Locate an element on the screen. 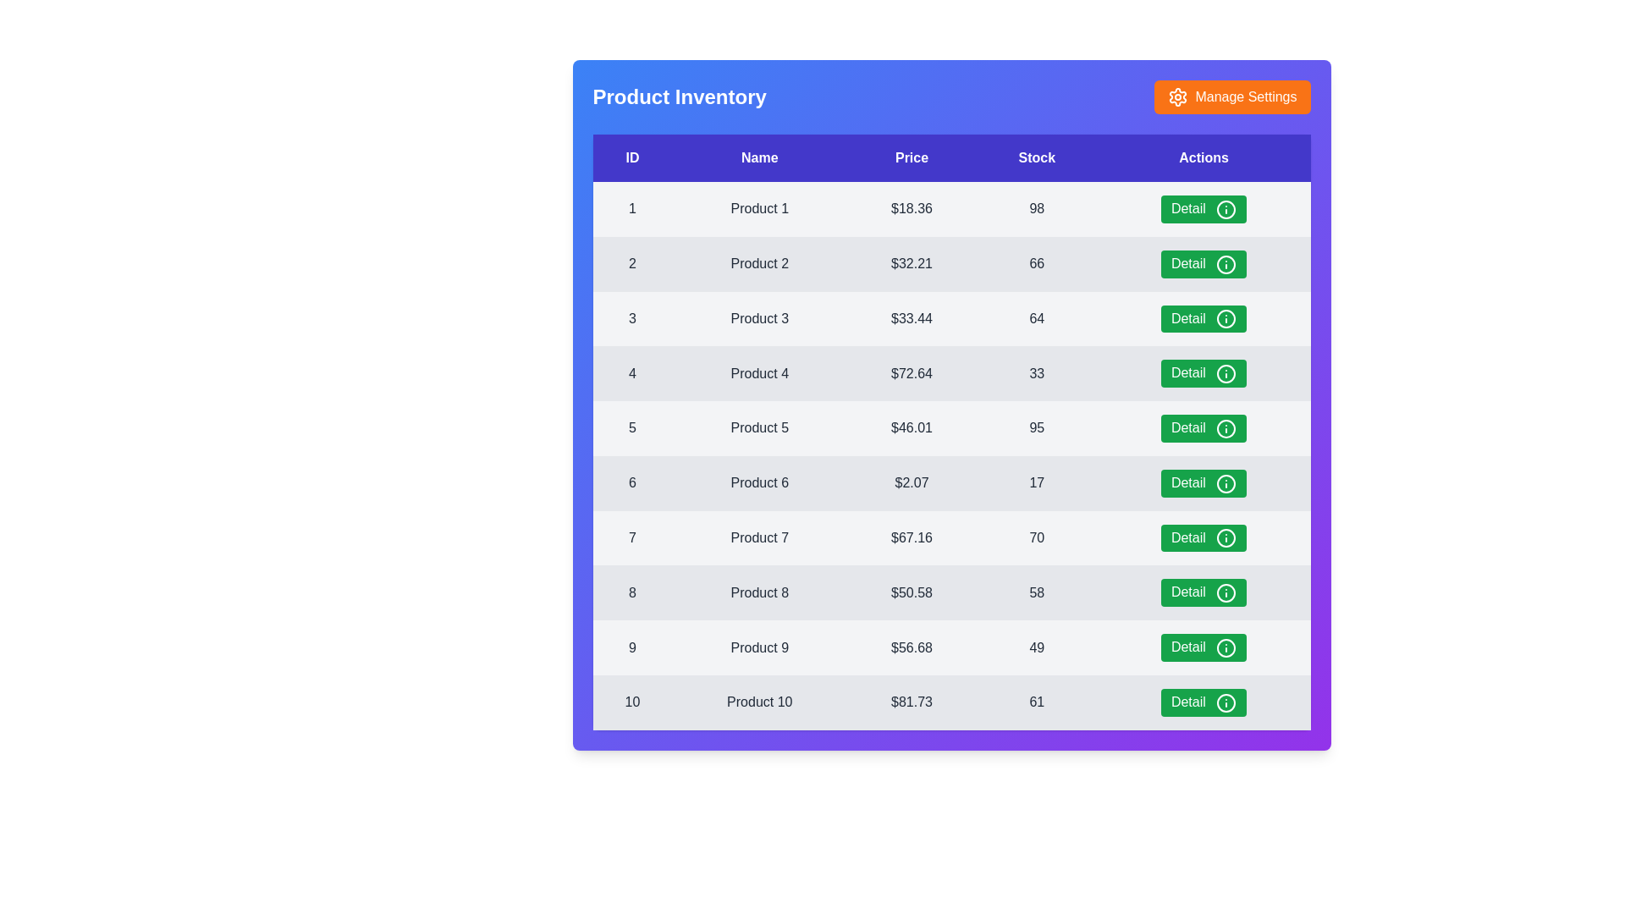  the table header ID to sort the table by that column is located at coordinates (631, 157).